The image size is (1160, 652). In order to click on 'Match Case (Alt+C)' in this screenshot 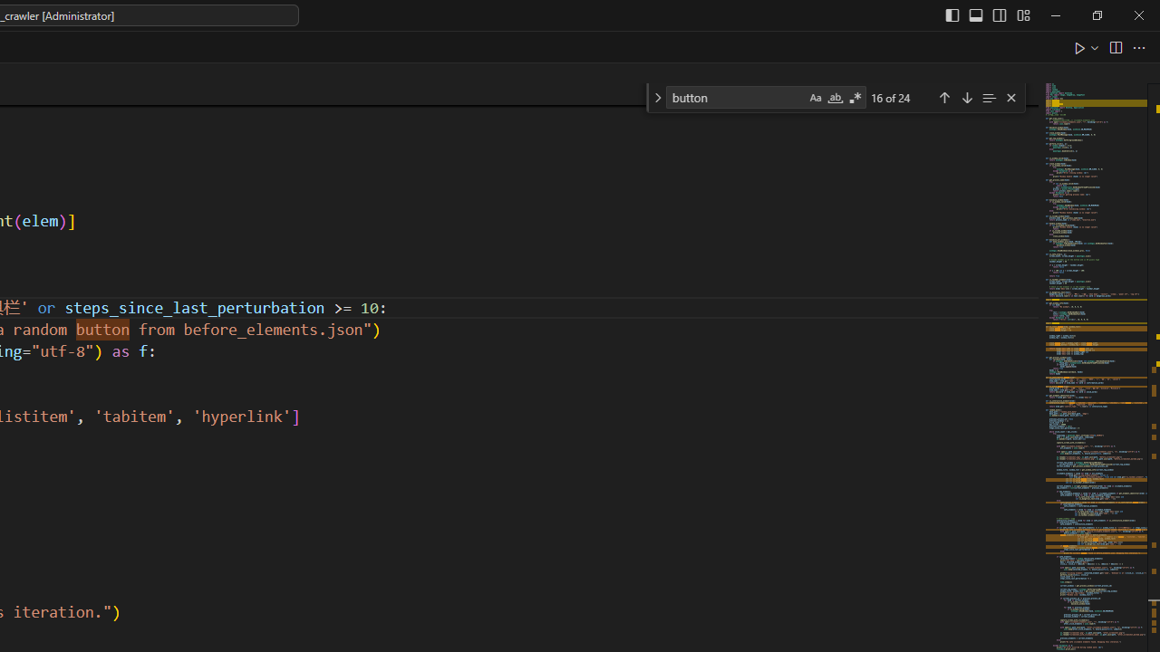, I will do `click(814, 98)`.